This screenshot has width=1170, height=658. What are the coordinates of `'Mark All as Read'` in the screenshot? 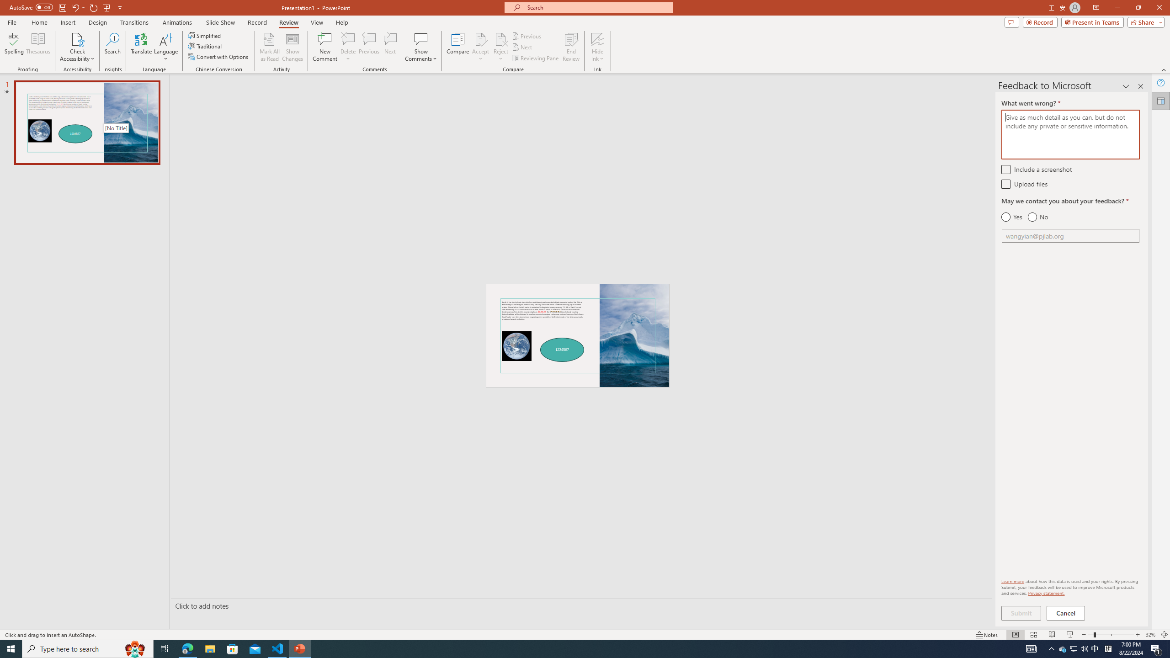 It's located at (270, 47).